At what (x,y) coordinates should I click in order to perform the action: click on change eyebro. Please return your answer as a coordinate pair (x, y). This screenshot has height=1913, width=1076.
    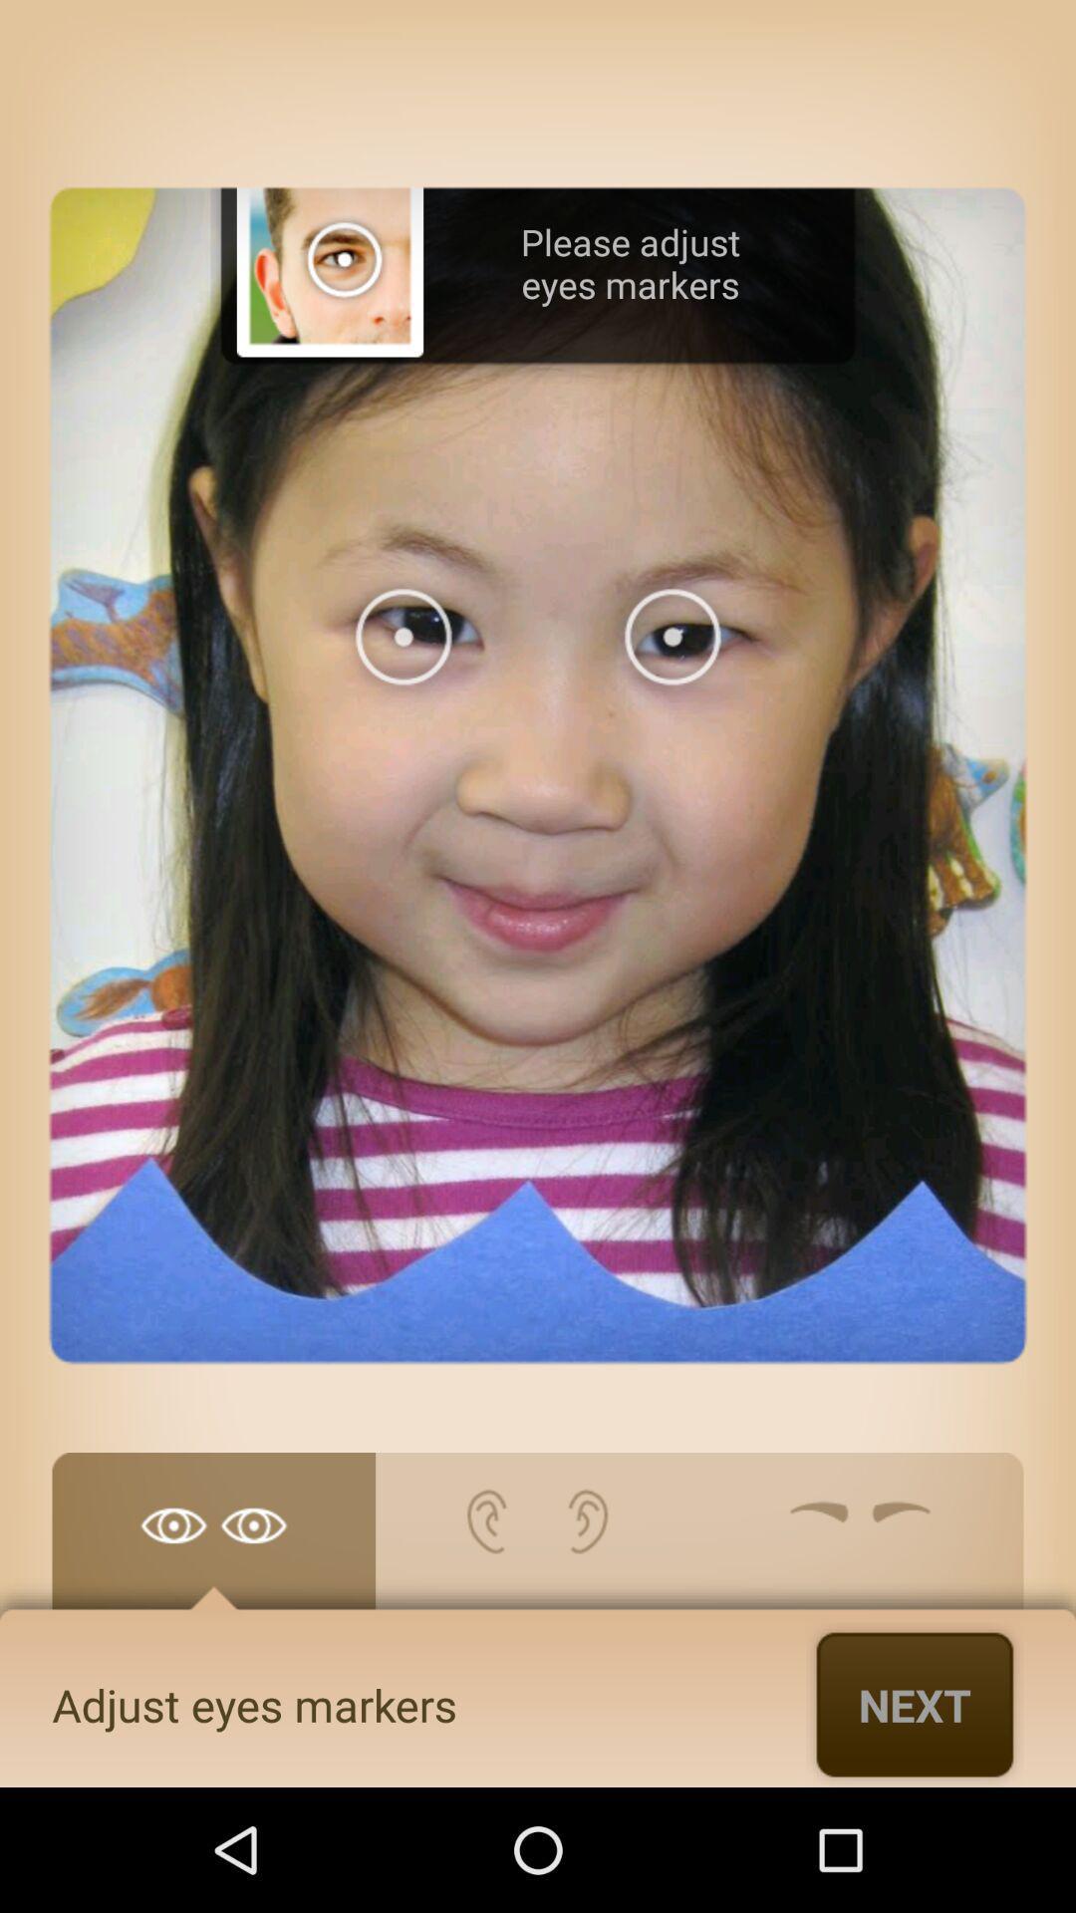
    Looking at the image, I should click on (860, 1540).